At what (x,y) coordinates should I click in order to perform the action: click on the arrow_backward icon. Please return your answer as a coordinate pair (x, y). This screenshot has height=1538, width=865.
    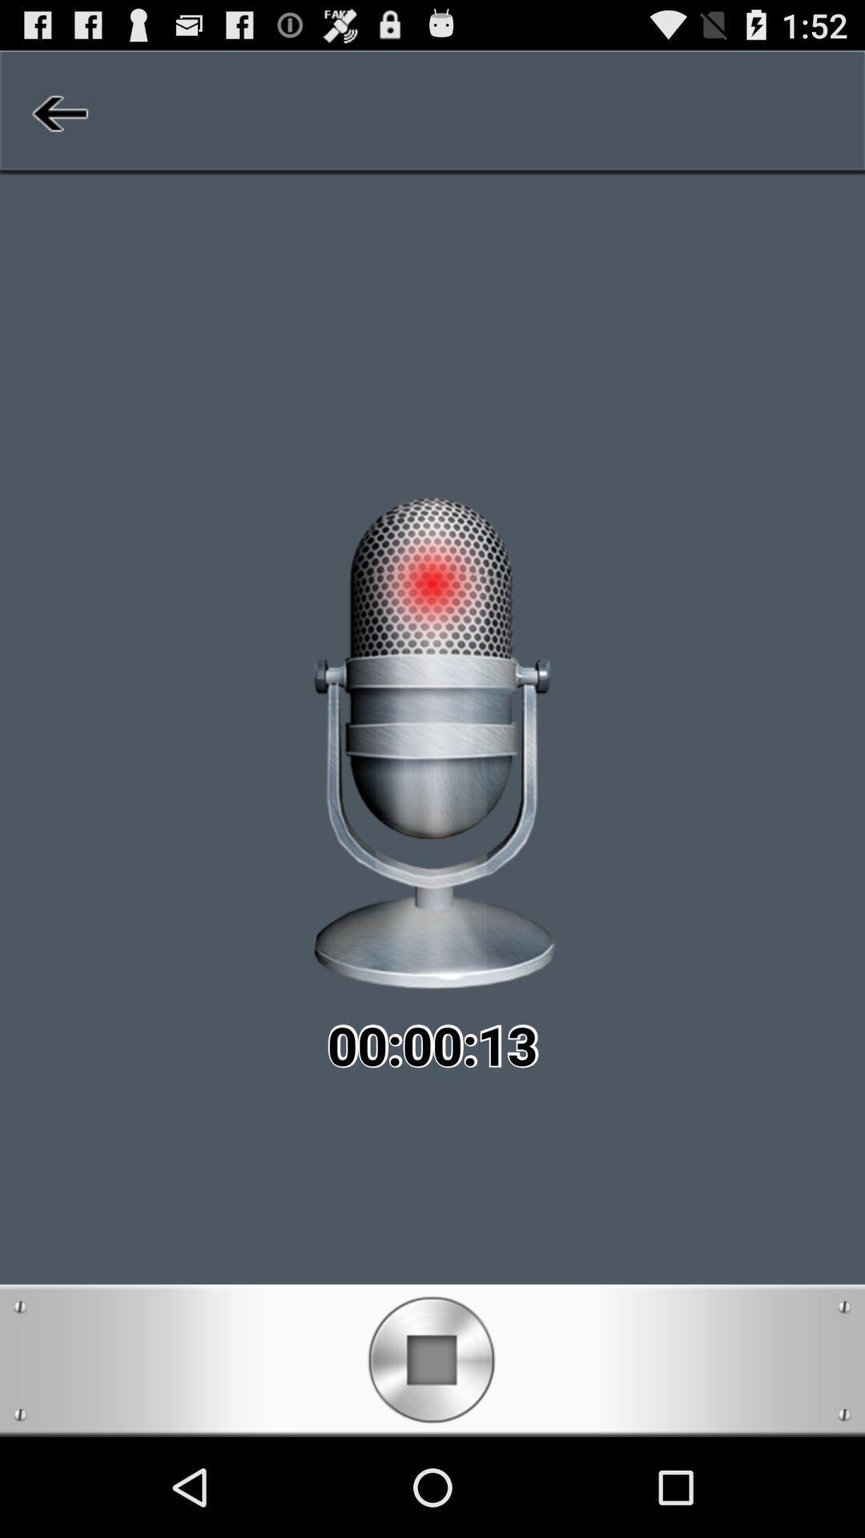
    Looking at the image, I should click on (57, 120).